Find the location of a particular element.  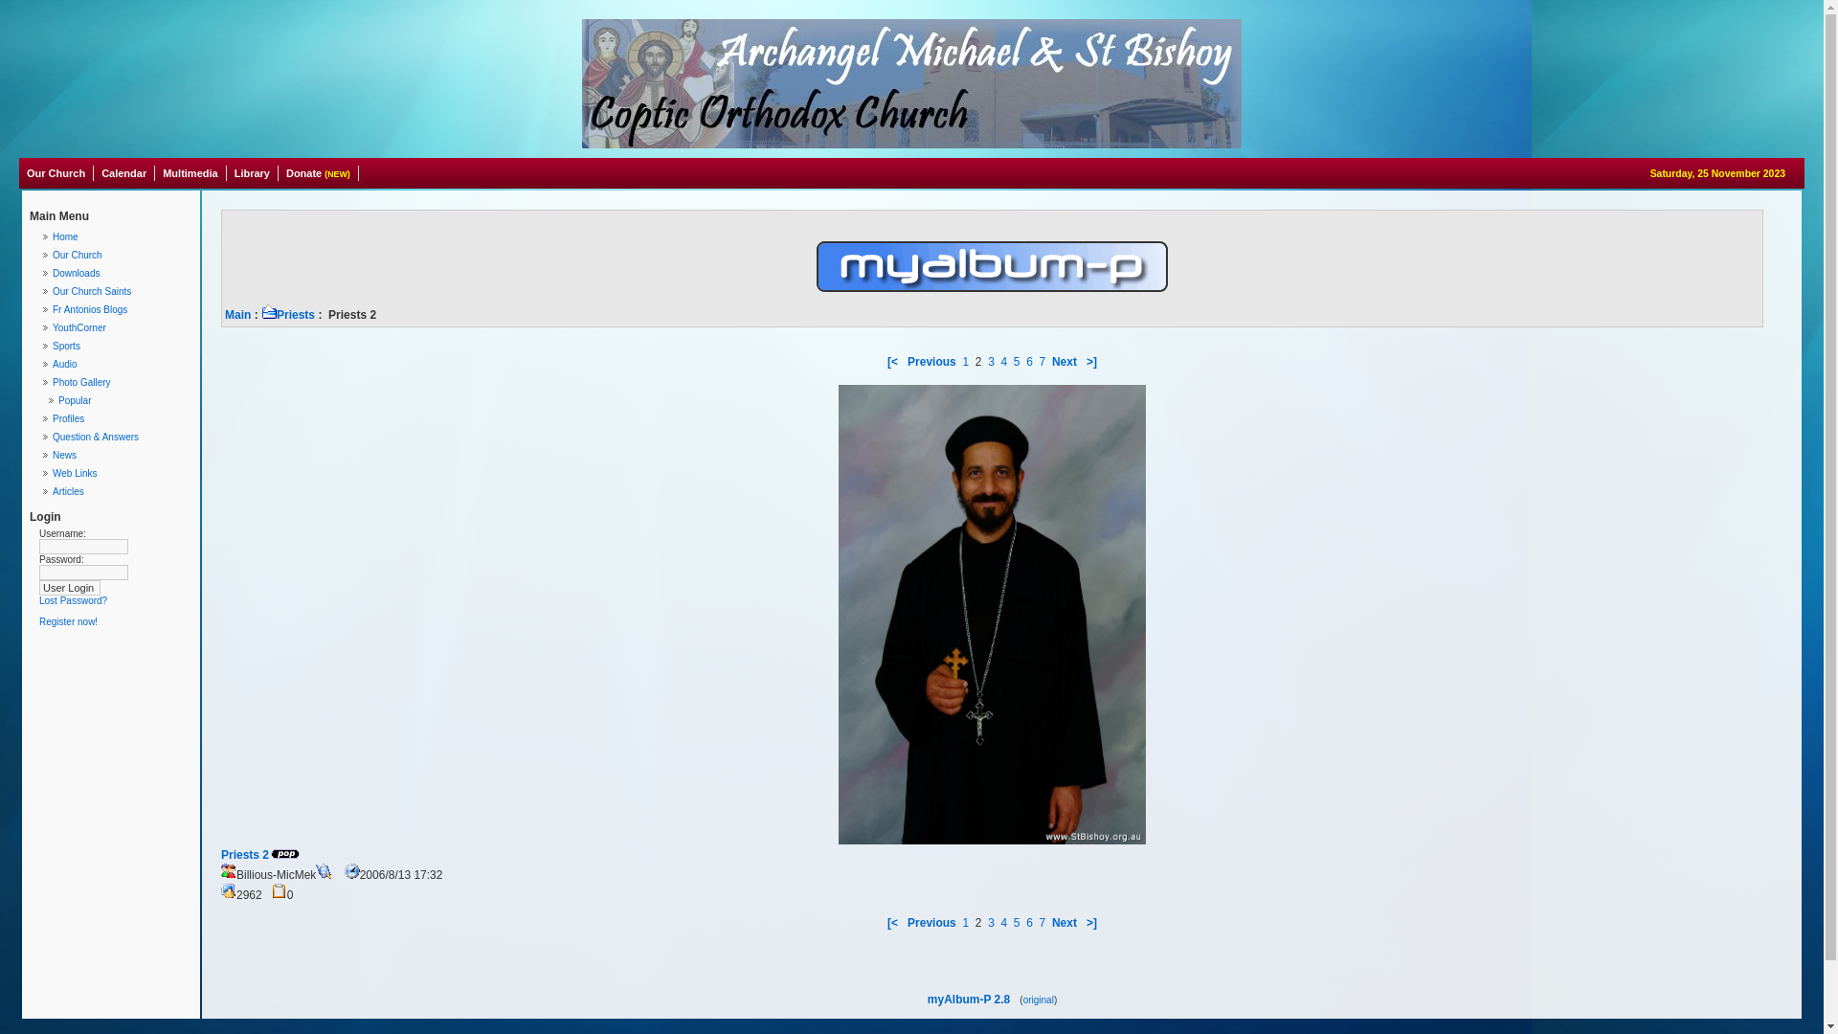

'3' is located at coordinates (991, 362).